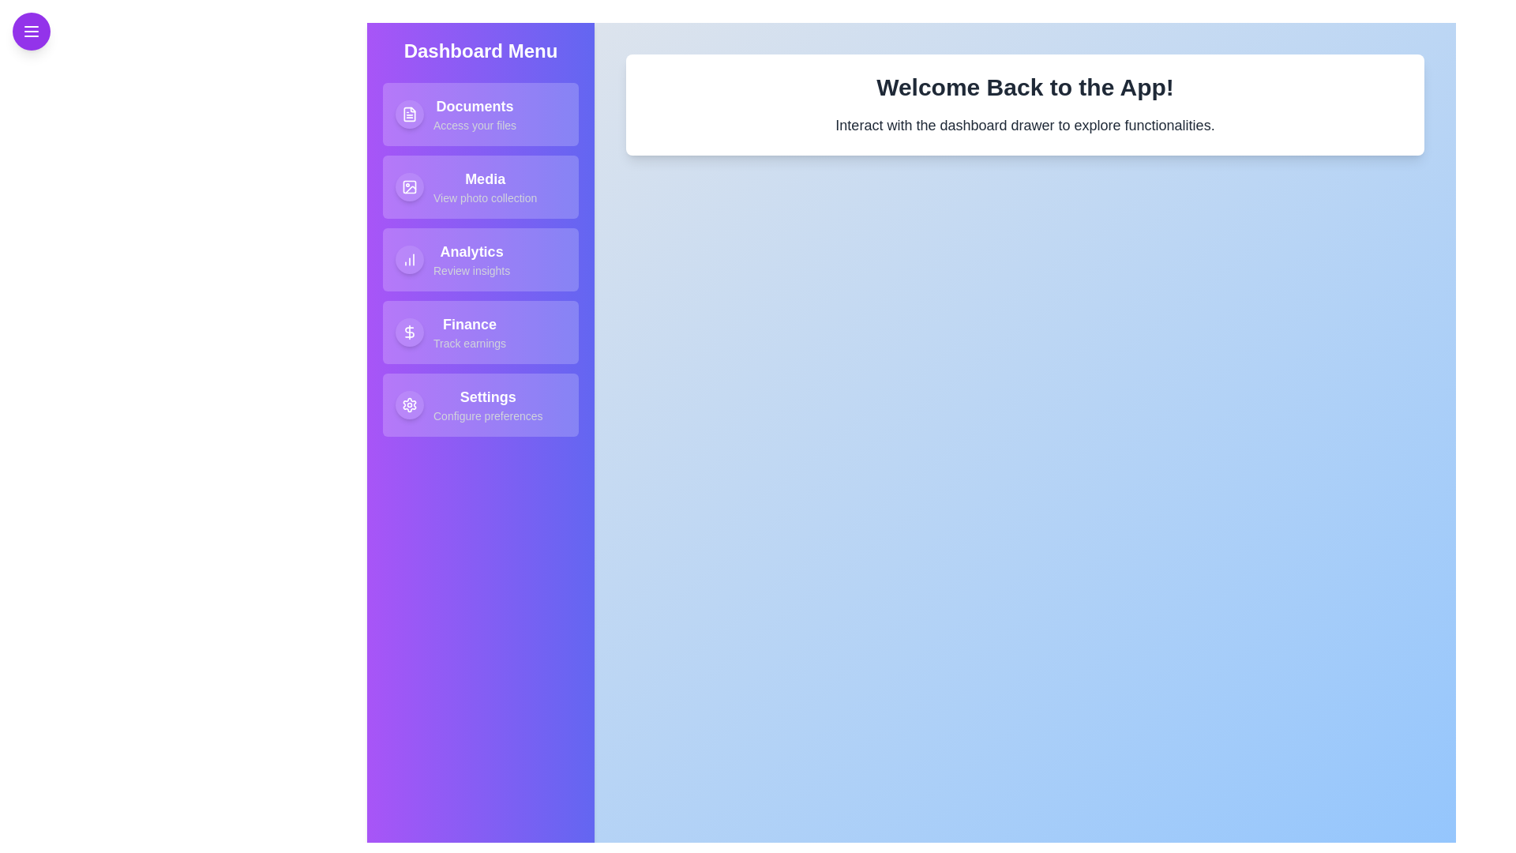 The width and height of the screenshot is (1516, 853). Describe the element at coordinates (480, 114) in the screenshot. I see `the Documents item in the drawer to access its functionality` at that location.